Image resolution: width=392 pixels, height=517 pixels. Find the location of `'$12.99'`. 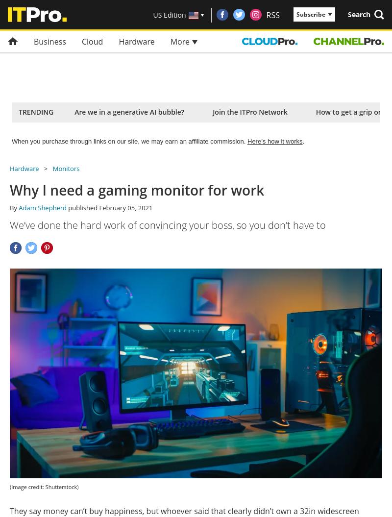

'$12.99' is located at coordinates (178, 162).